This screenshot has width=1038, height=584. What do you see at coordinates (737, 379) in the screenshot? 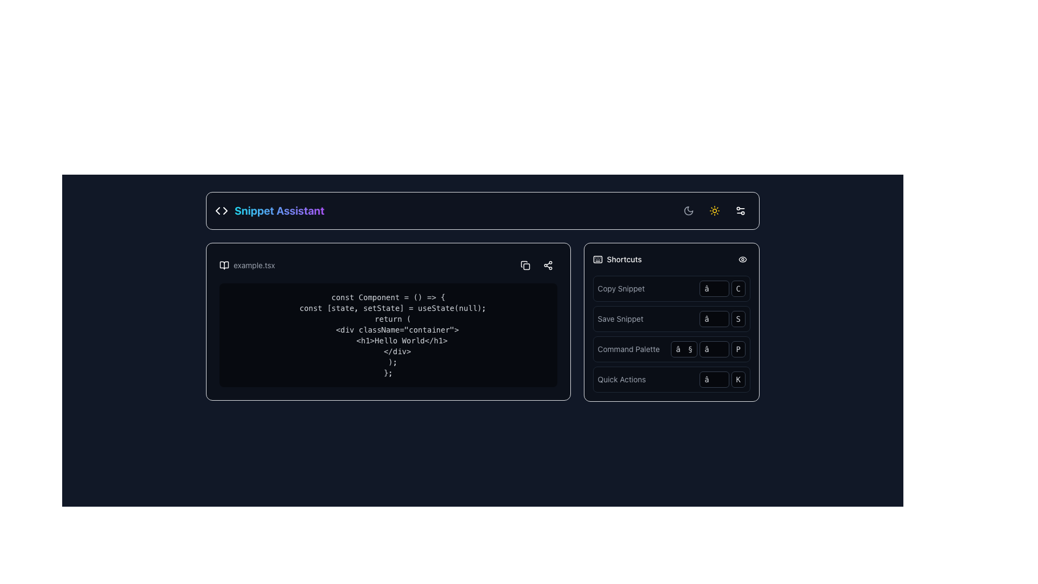
I see `the button labeled 'K' in the bottom-right section of the interface` at bounding box center [737, 379].